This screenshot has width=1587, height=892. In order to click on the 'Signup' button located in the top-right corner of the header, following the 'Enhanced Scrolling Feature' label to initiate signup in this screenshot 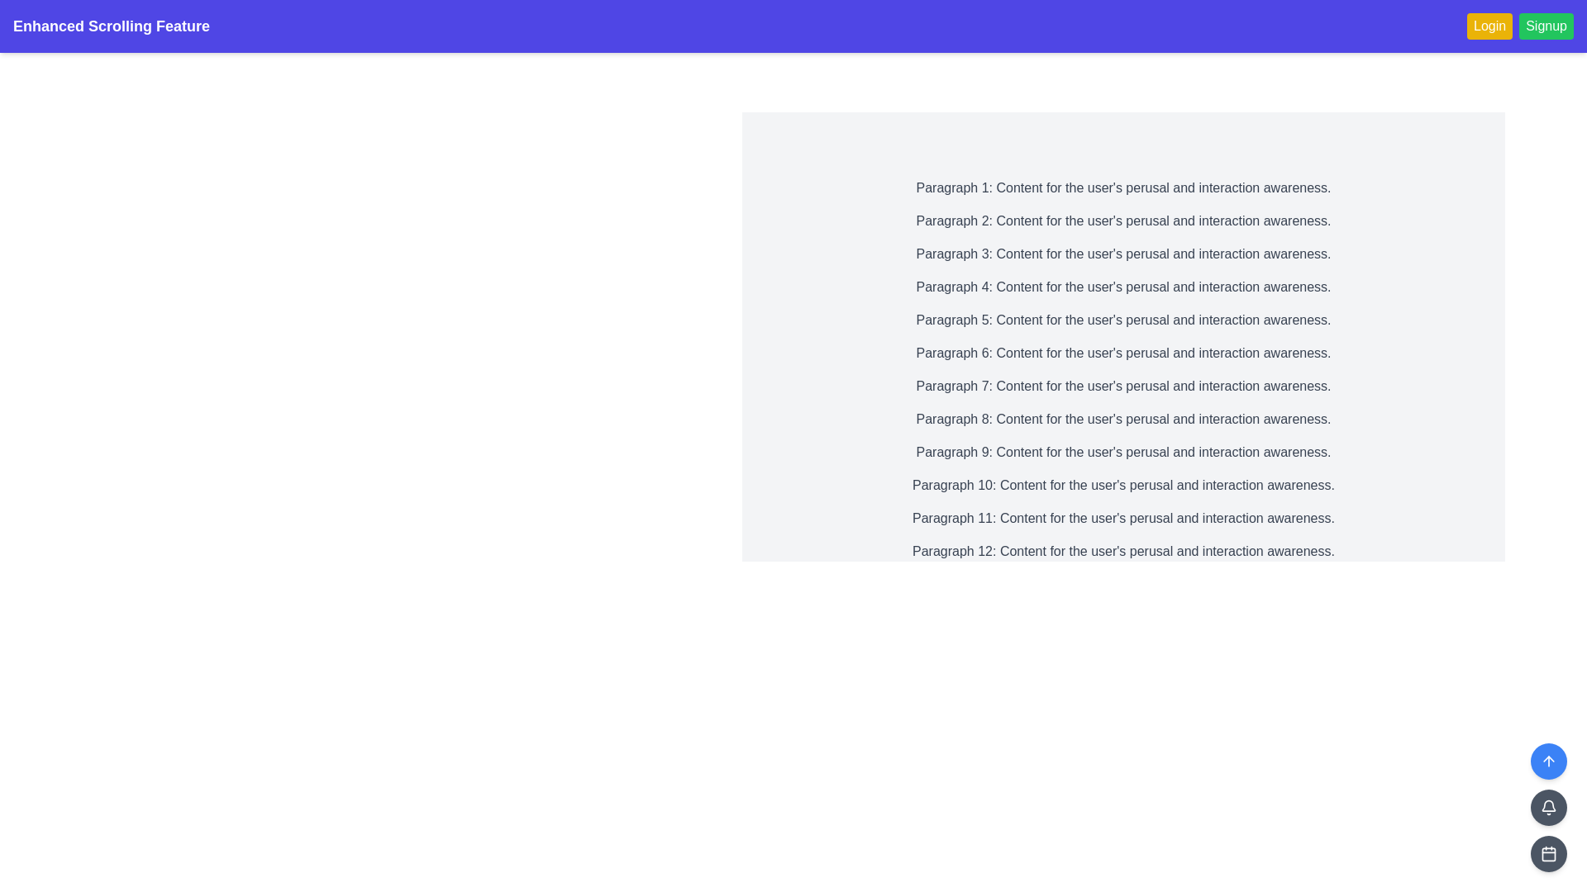, I will do `click(1520, 26)`.